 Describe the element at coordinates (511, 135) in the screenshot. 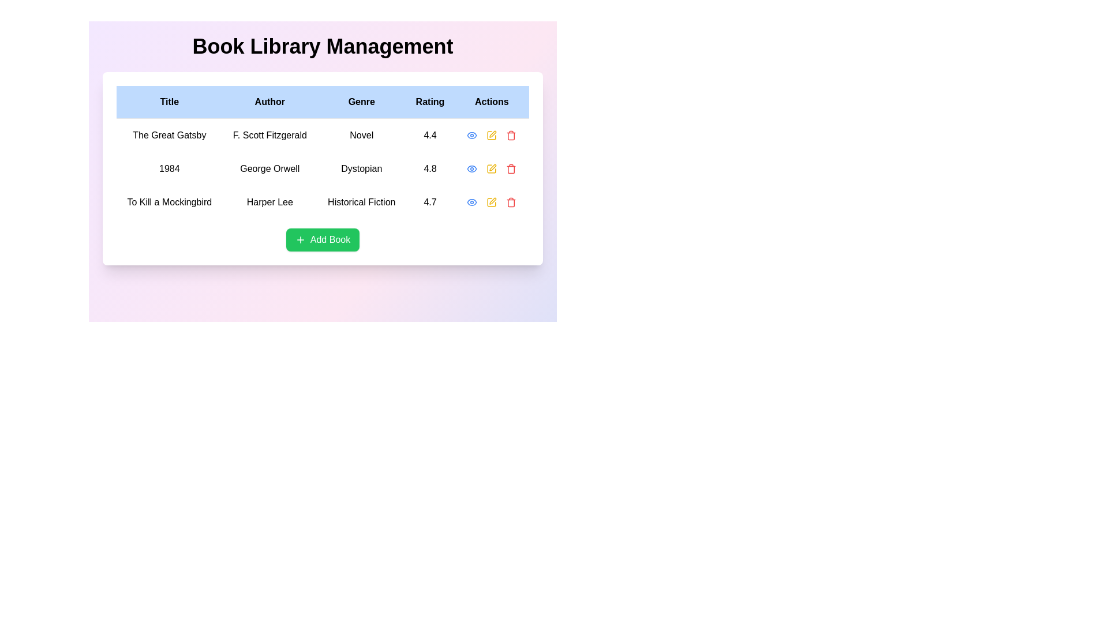

I see `the red trash can icon button, which is the last icon in the horizontally aligned group of action icons under 'Actions'` at that location.